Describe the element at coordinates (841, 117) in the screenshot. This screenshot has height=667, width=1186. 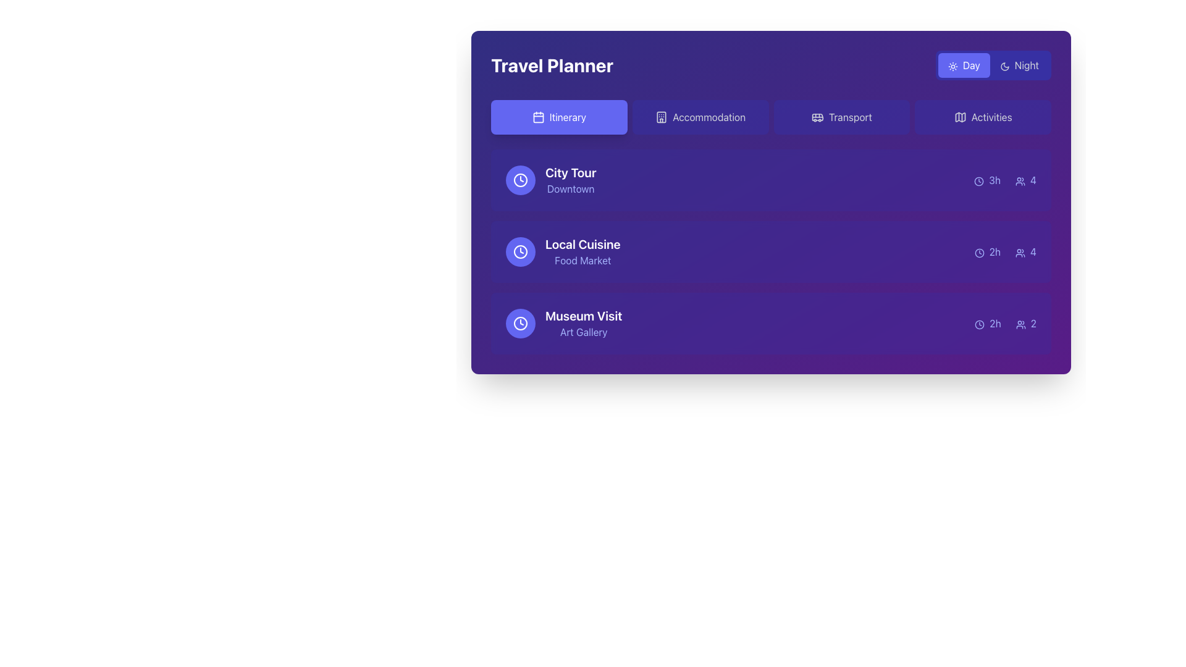
I see `the 'Transport' button, which is the third button from the left in a row of four buttons at the top of the interface, featuring a purple background and a bus icon` at that location.